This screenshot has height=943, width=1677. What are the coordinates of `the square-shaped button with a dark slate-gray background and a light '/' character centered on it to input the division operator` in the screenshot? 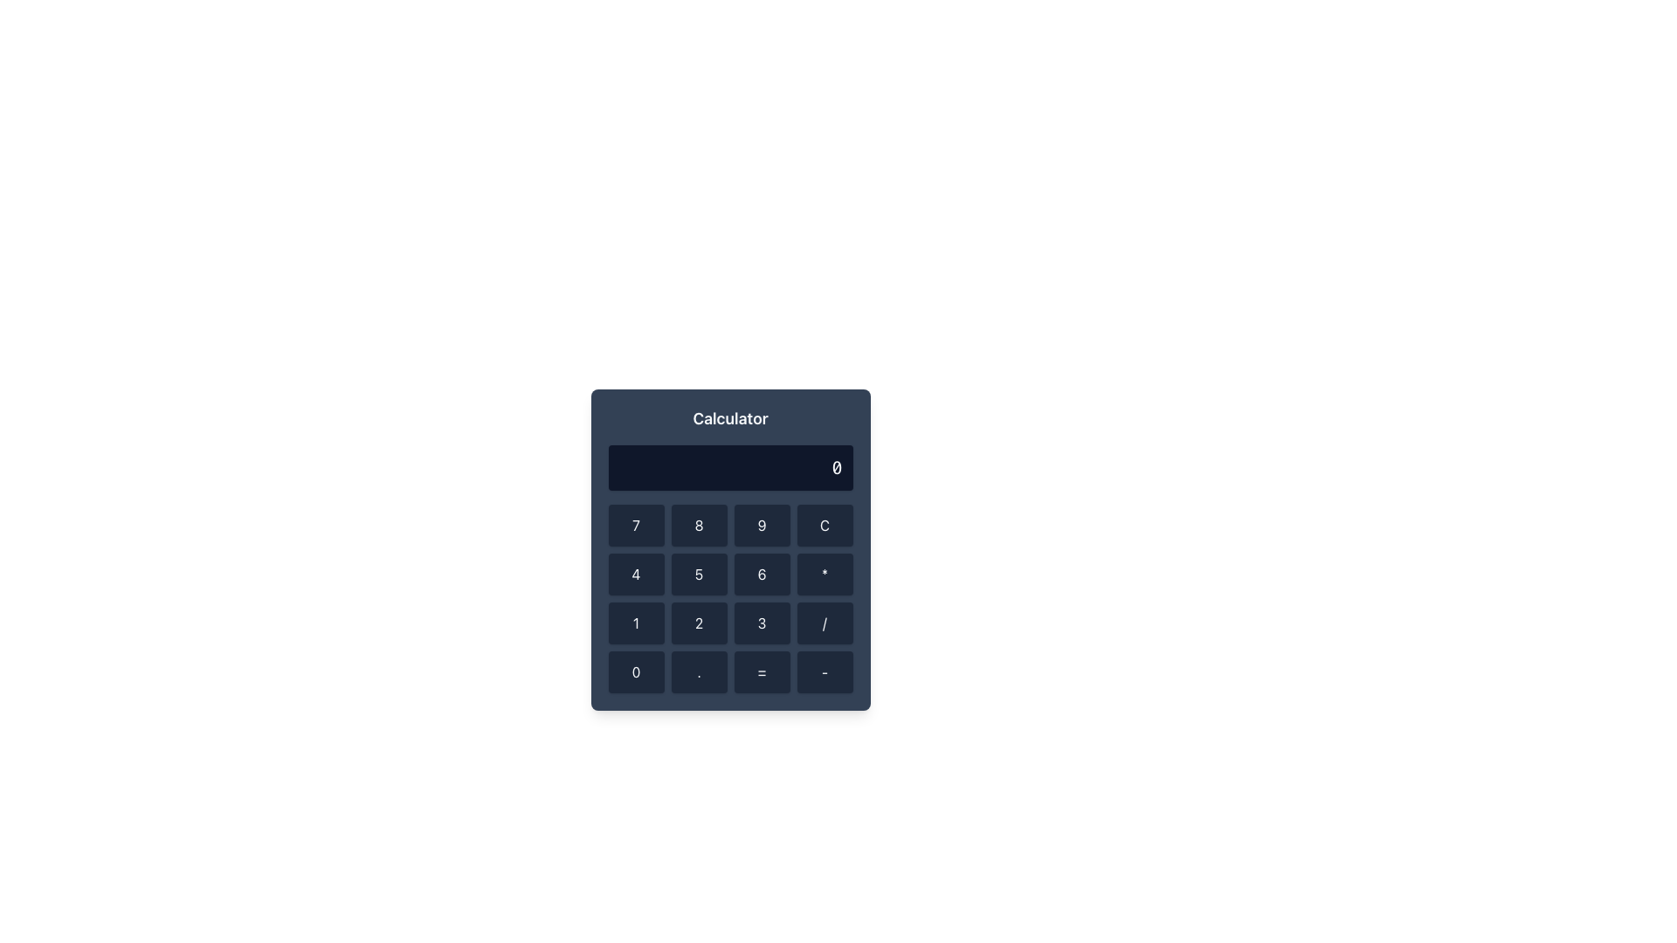 It's located at (824, 622).